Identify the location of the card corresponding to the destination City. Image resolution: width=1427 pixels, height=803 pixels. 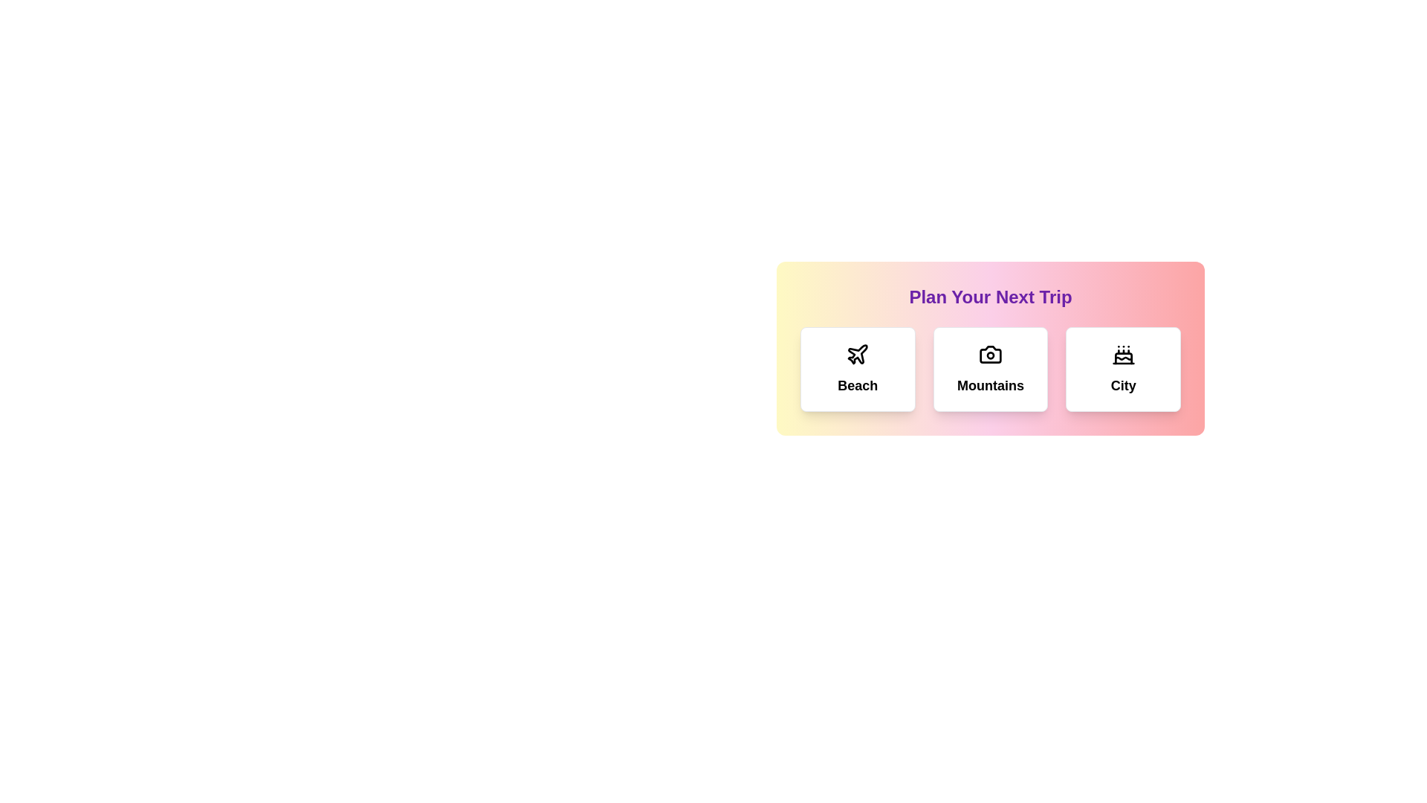
(1124, 369).